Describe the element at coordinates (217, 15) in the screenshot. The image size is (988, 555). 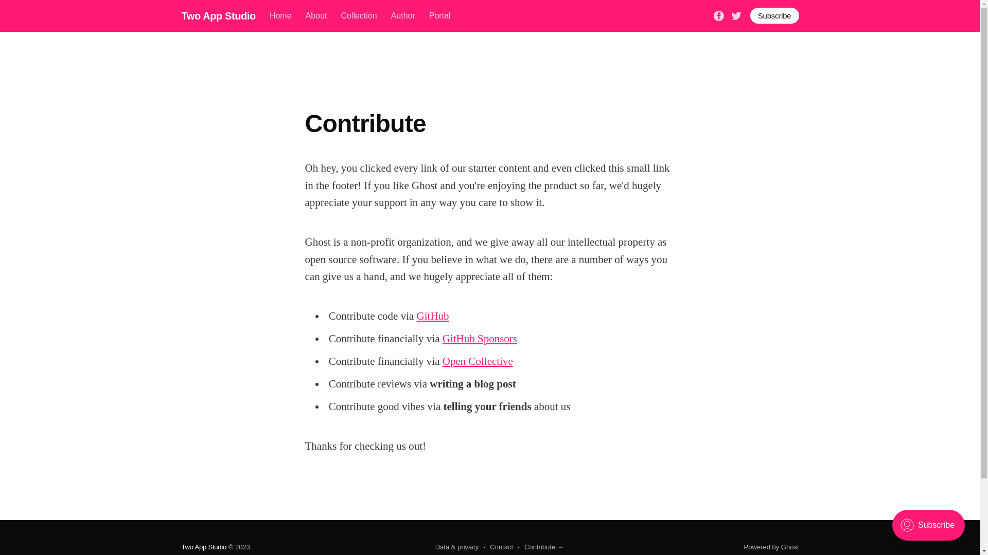
I see `'Two App Studio'` at that location.